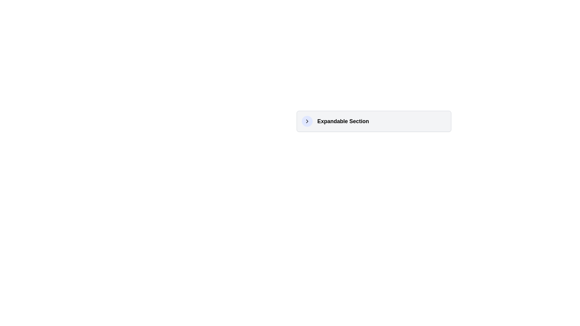 The image size is (580, 326). What do you see at coordinates (307, 121) in the screenshot?
I see `the button with a chevron symbol pointing right, located to the left of the text 'Expandable Section'` at bounding box center [307, 121].